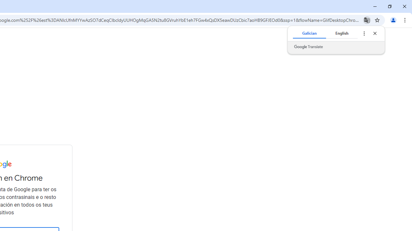  What do you see at coordinates (309, 33) in the screenshot?
I see `'Galician'` at bounding box center [309, 33].